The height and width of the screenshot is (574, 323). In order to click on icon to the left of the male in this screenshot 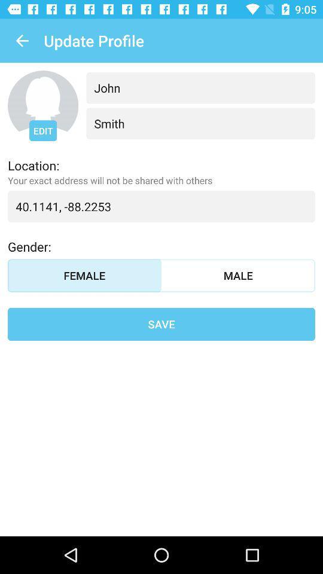, I will do `click(84, 276)`.